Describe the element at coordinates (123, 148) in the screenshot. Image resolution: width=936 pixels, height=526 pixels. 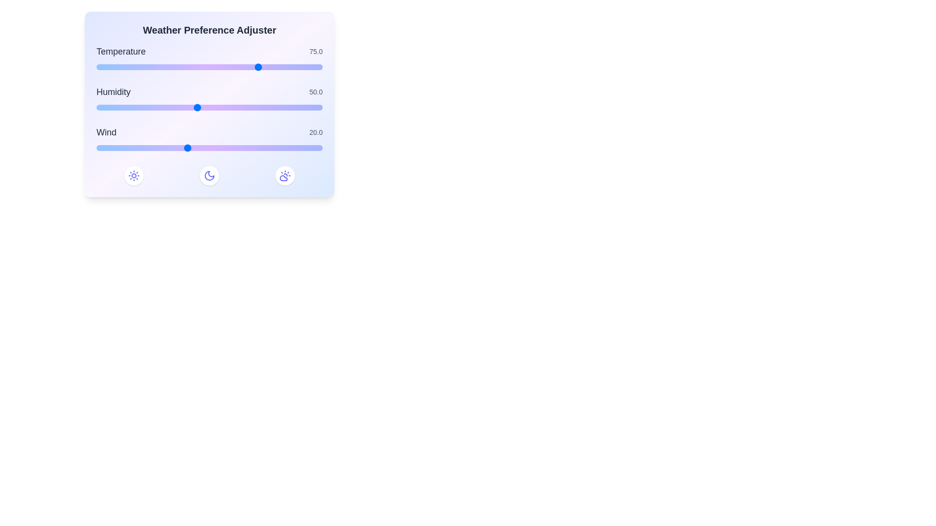
I see `wind value` at that location.